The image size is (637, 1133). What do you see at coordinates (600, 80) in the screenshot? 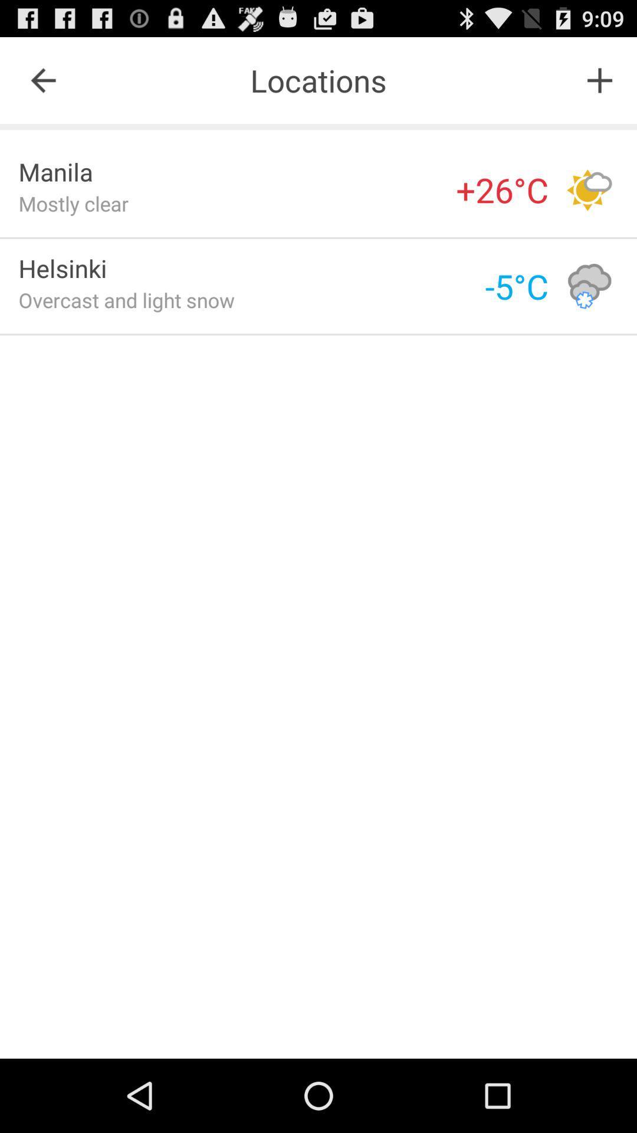
I see `the item to the right of the locations` at bounding box center [600, 80].